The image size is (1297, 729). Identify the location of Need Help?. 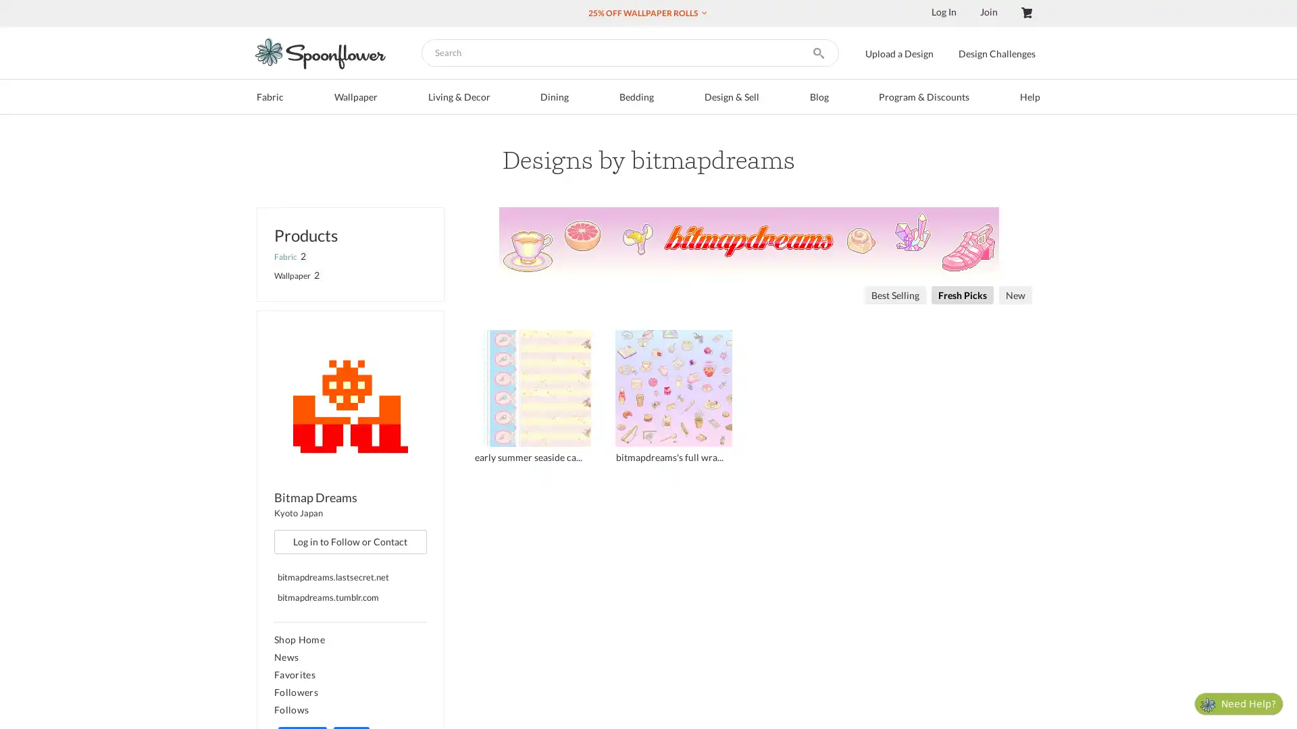
(1238, 703).